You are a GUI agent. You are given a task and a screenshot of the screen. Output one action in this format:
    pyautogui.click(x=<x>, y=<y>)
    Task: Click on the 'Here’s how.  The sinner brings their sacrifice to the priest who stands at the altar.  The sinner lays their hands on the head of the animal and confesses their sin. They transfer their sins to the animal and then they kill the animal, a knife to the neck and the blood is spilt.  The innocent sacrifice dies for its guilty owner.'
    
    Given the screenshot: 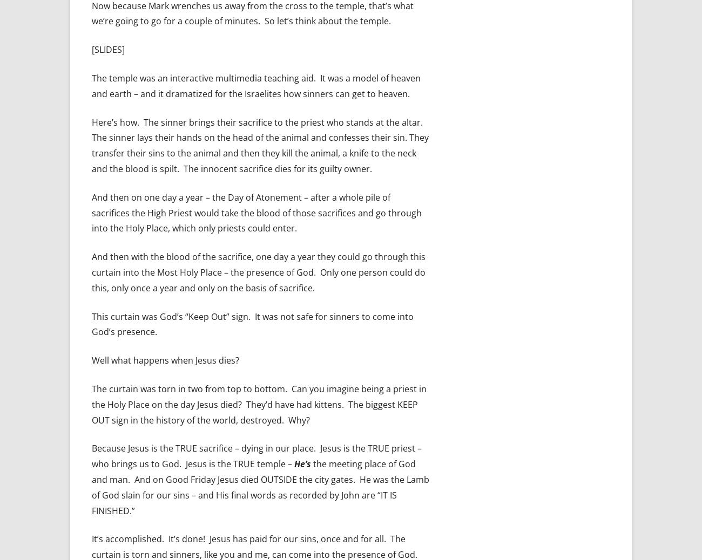 What is the action you would take?
    pyautogui.click(x=260, y=145)
    